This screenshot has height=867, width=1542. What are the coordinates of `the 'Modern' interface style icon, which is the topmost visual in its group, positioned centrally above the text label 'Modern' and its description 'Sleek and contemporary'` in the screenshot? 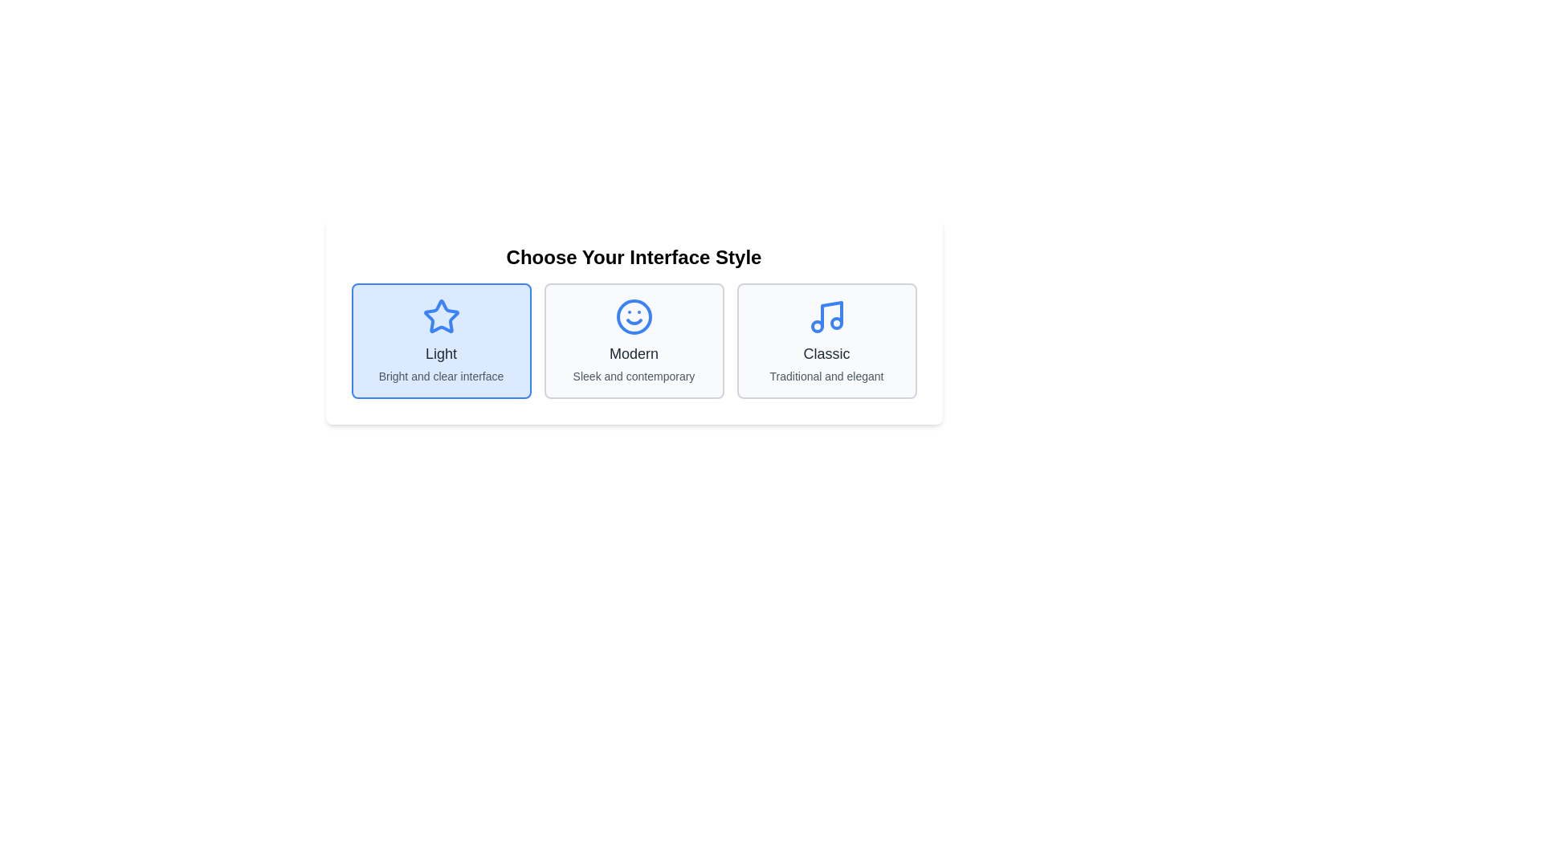 It's located at (633, 316).